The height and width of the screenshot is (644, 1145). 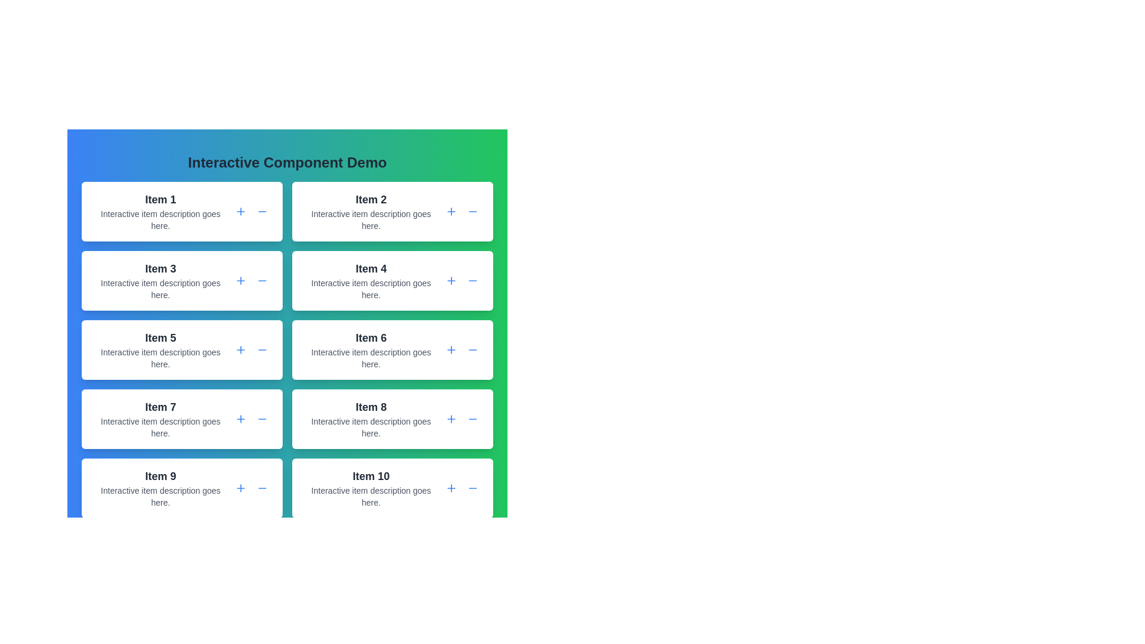 What do you see at coordinates (160, 289) in the screenshot?
I see `the text element providing supplementary information for 'Item 3', located directly below the title in the third card of the left column` at bounding box center [160, 289].